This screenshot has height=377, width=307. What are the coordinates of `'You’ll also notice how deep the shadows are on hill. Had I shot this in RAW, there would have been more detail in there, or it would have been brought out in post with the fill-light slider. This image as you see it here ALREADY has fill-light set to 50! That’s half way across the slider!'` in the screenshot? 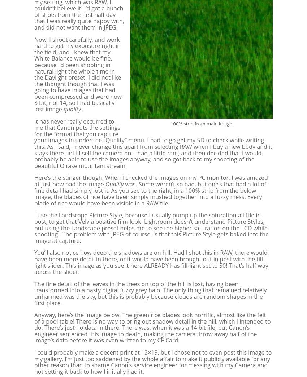 It's located at (151, 262).